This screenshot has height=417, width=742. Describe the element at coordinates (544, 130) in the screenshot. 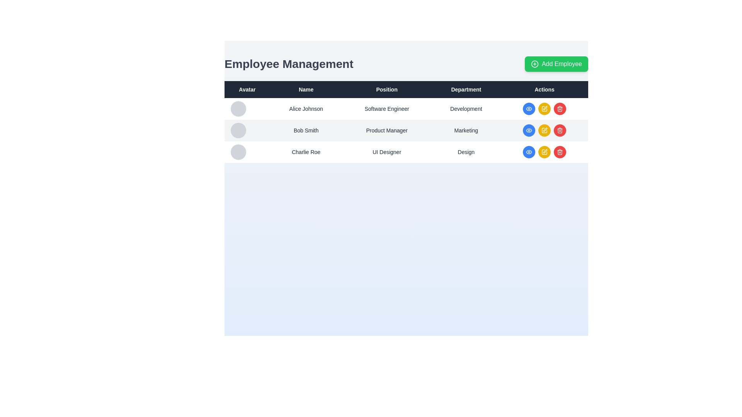

I see `the circular yellow button with a white pen icon in the 'Actions' column for 'Bob Smith'` at that location.